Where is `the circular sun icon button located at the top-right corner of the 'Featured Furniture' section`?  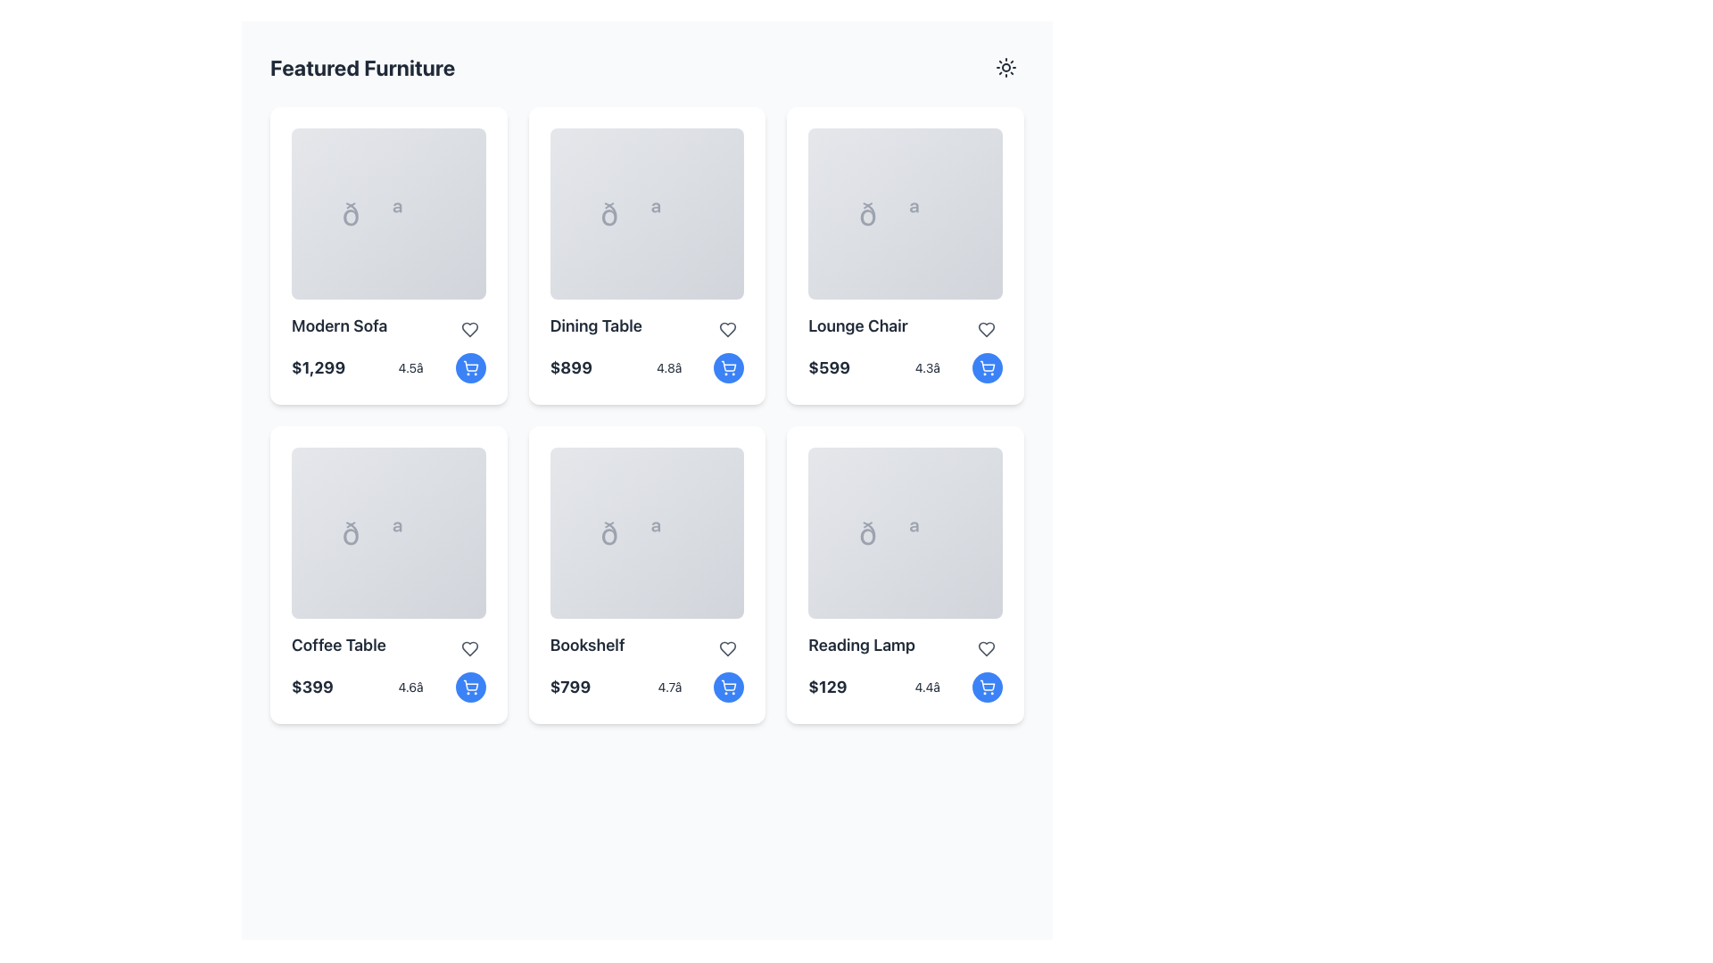 the circular sun icon button located at the top-right corner of the 'Featured Furniture' section is located at coordinates (1006, 67).